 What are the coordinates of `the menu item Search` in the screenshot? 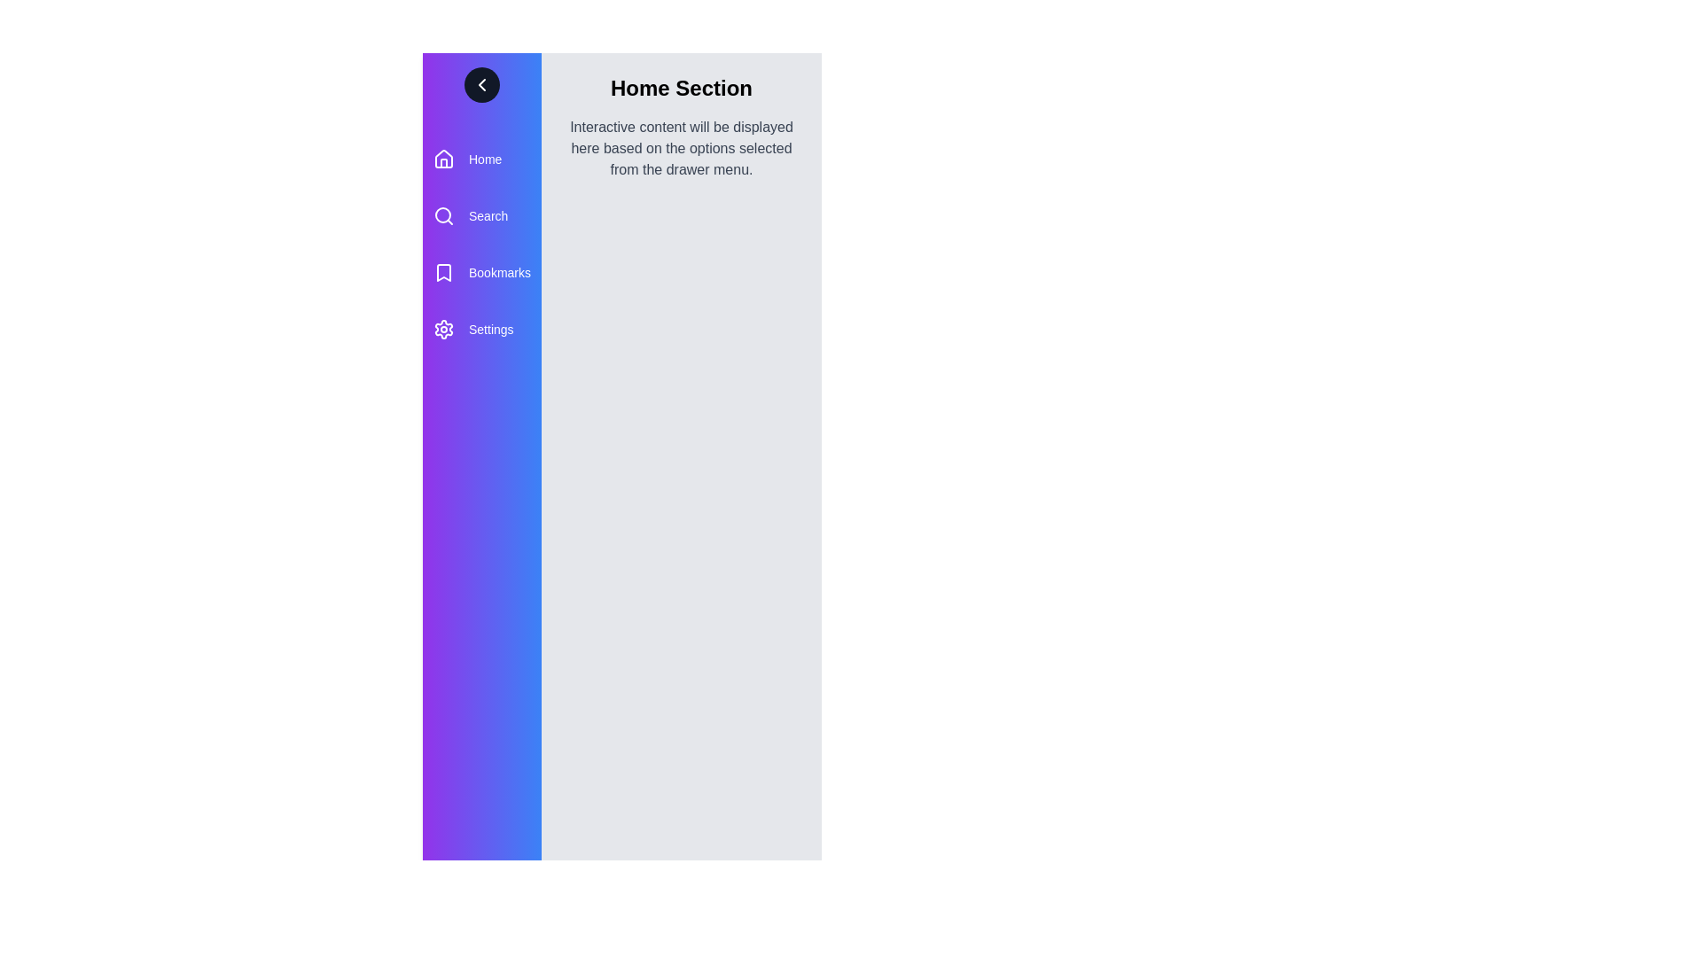 It's located at (481, 214).